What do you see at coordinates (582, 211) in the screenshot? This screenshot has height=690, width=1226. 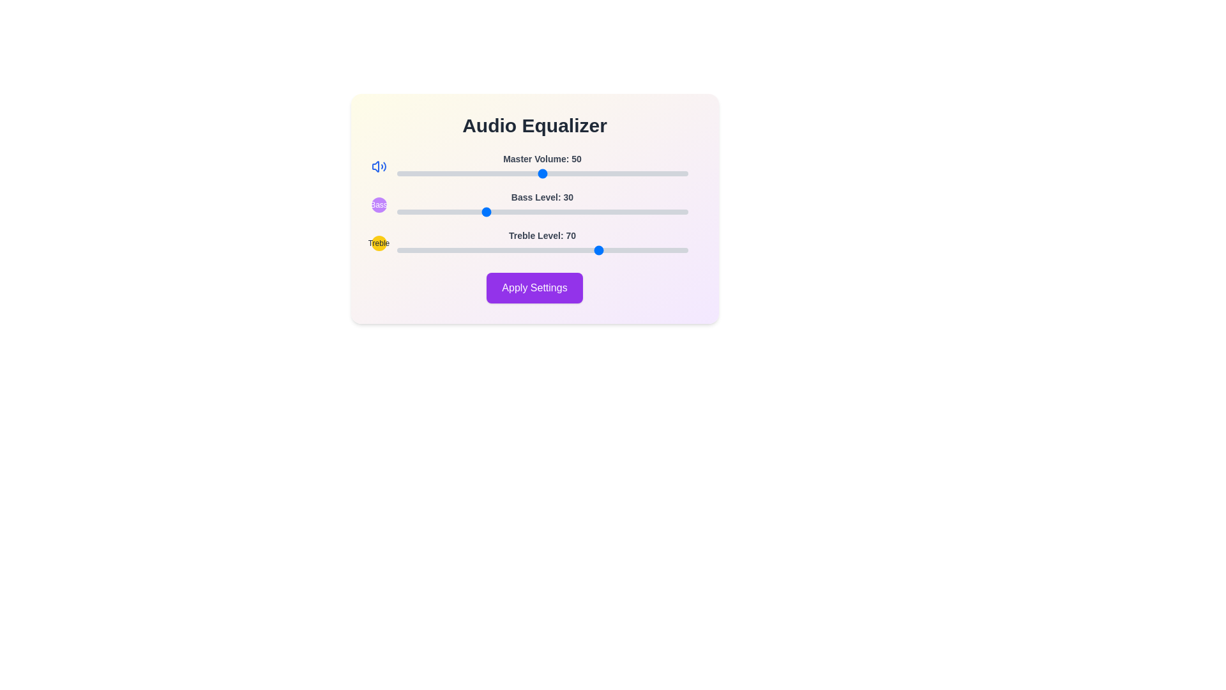 I see `bass level` at bounding box center [582, 211].